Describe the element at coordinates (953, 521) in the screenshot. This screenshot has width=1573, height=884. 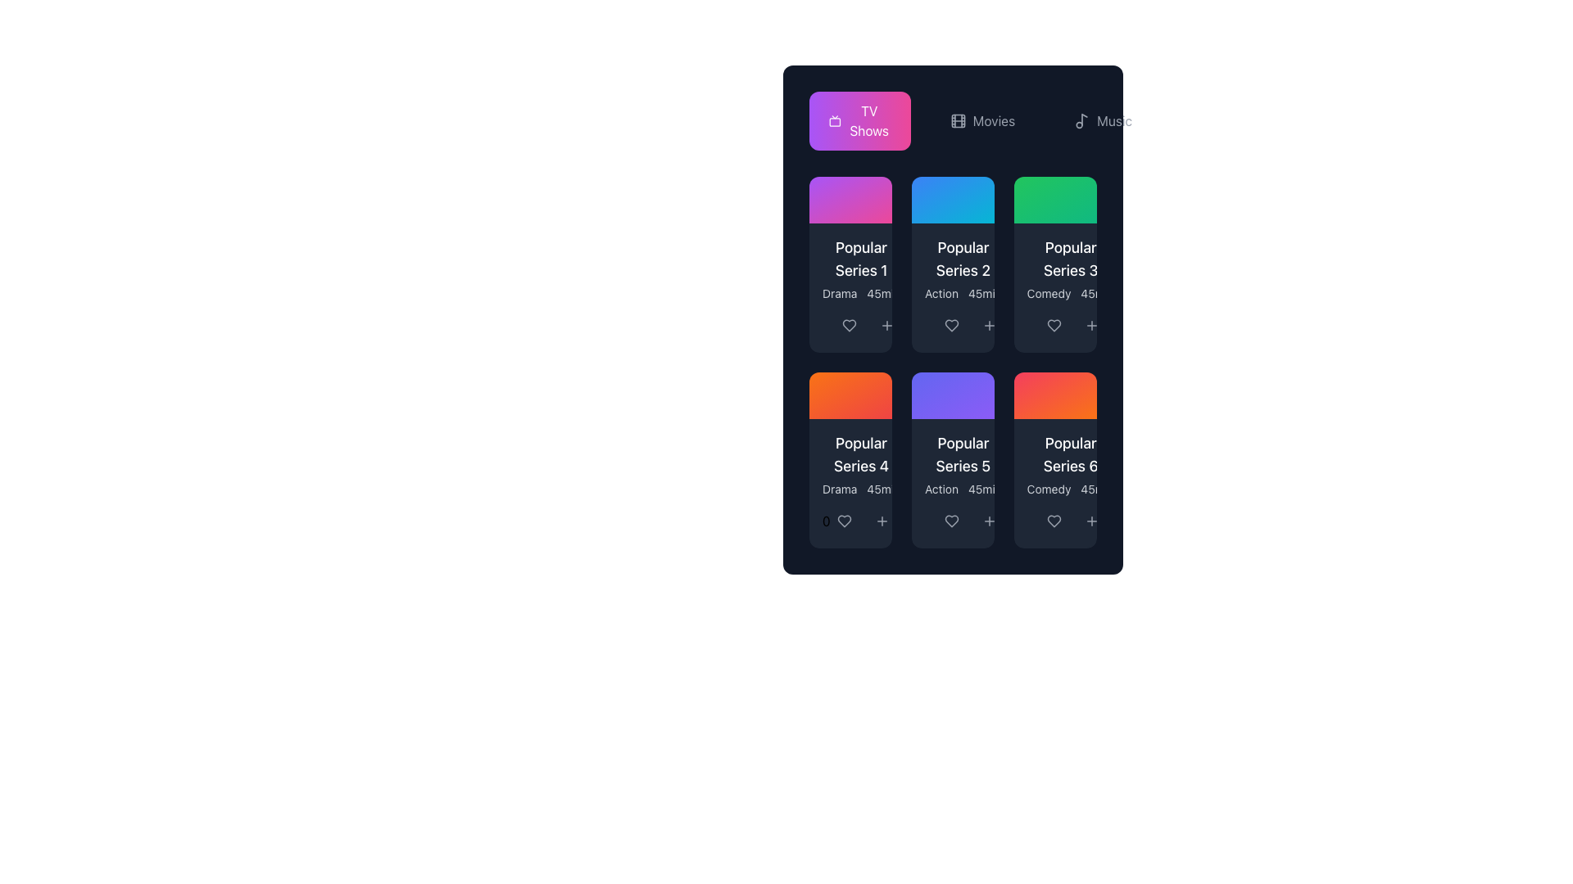
I see `the heart-shaped button to mark 'Popular Series 5' as a favorite` at that location.